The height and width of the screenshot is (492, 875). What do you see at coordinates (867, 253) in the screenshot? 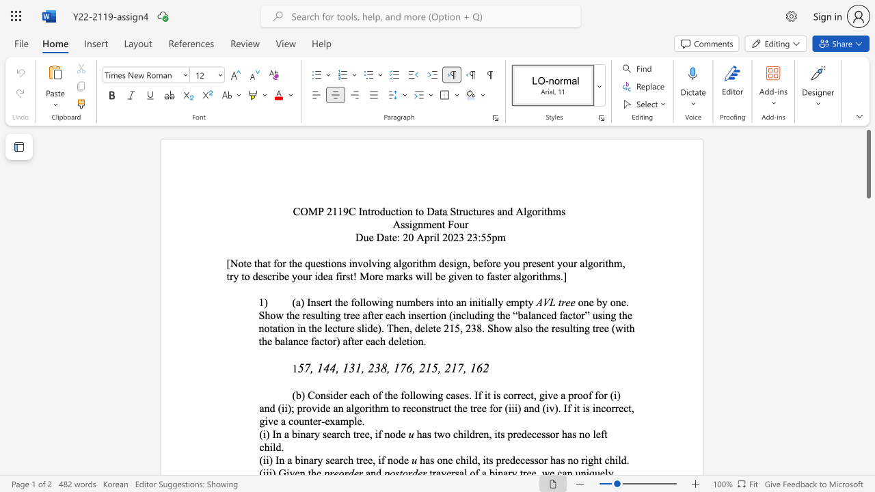
I see `the scrollbar on the side` at bounding box center [867, 253].